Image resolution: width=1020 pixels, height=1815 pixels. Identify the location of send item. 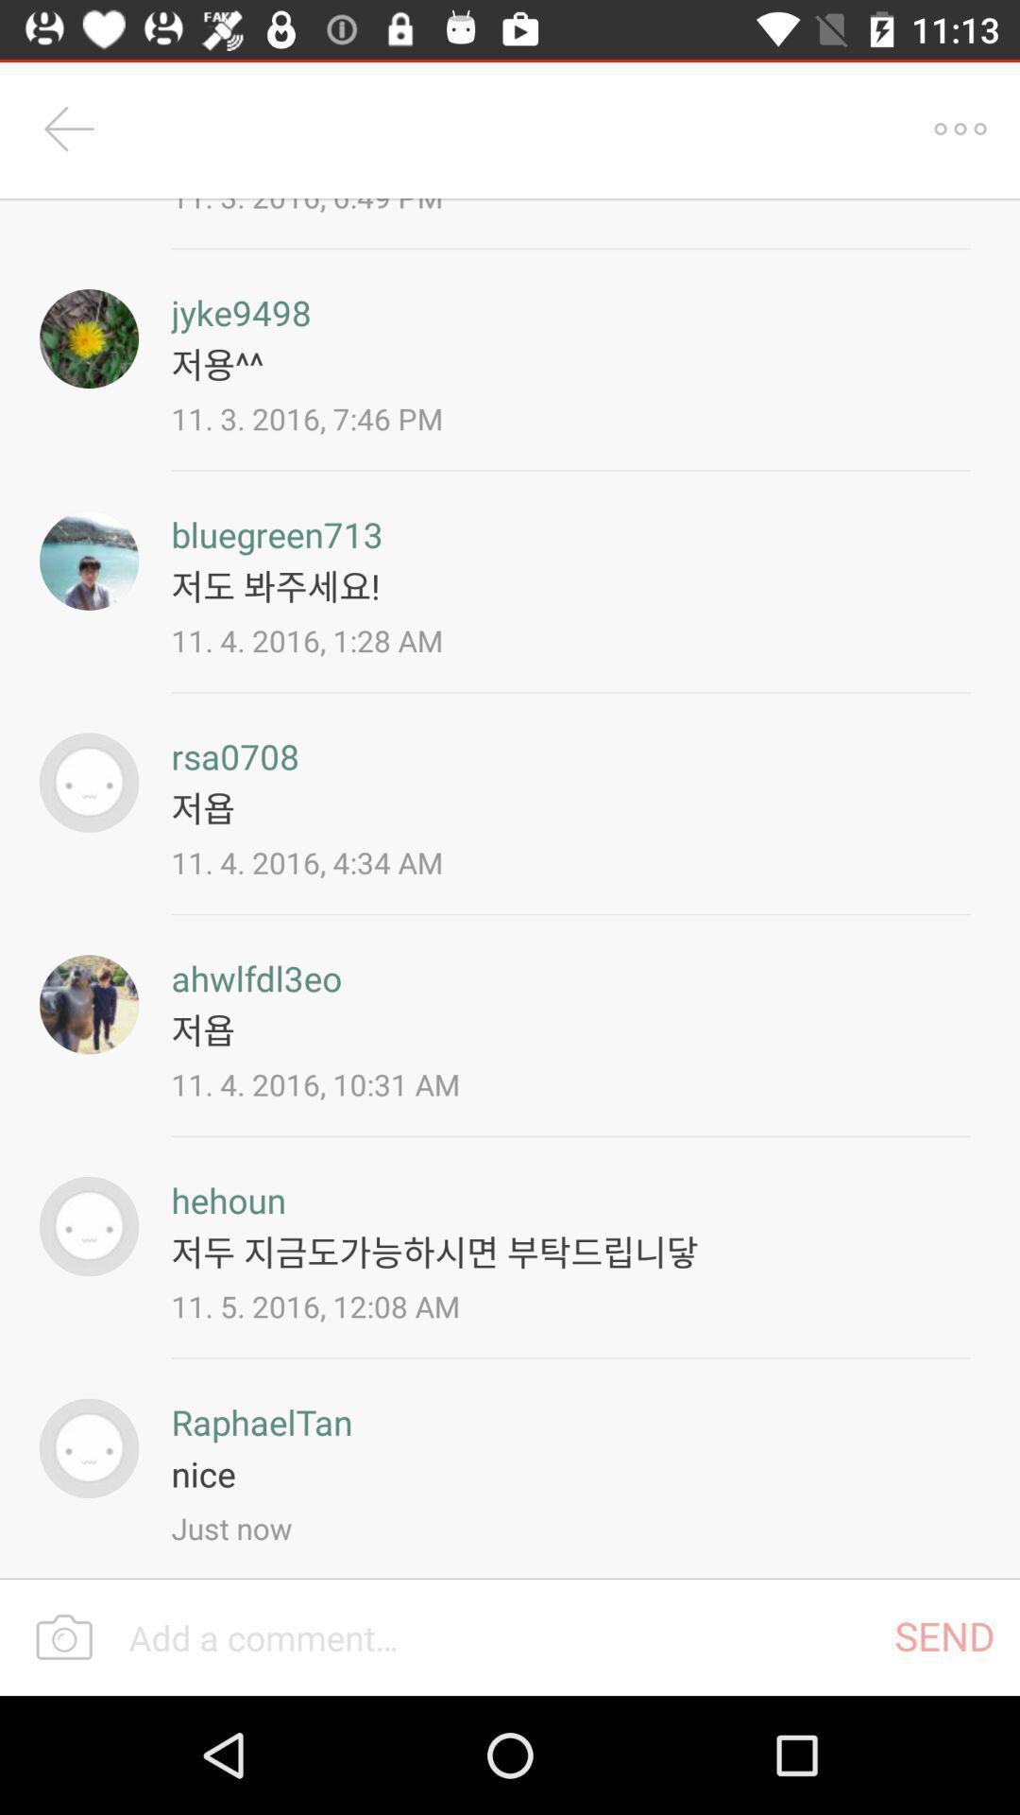
(944, 1634).